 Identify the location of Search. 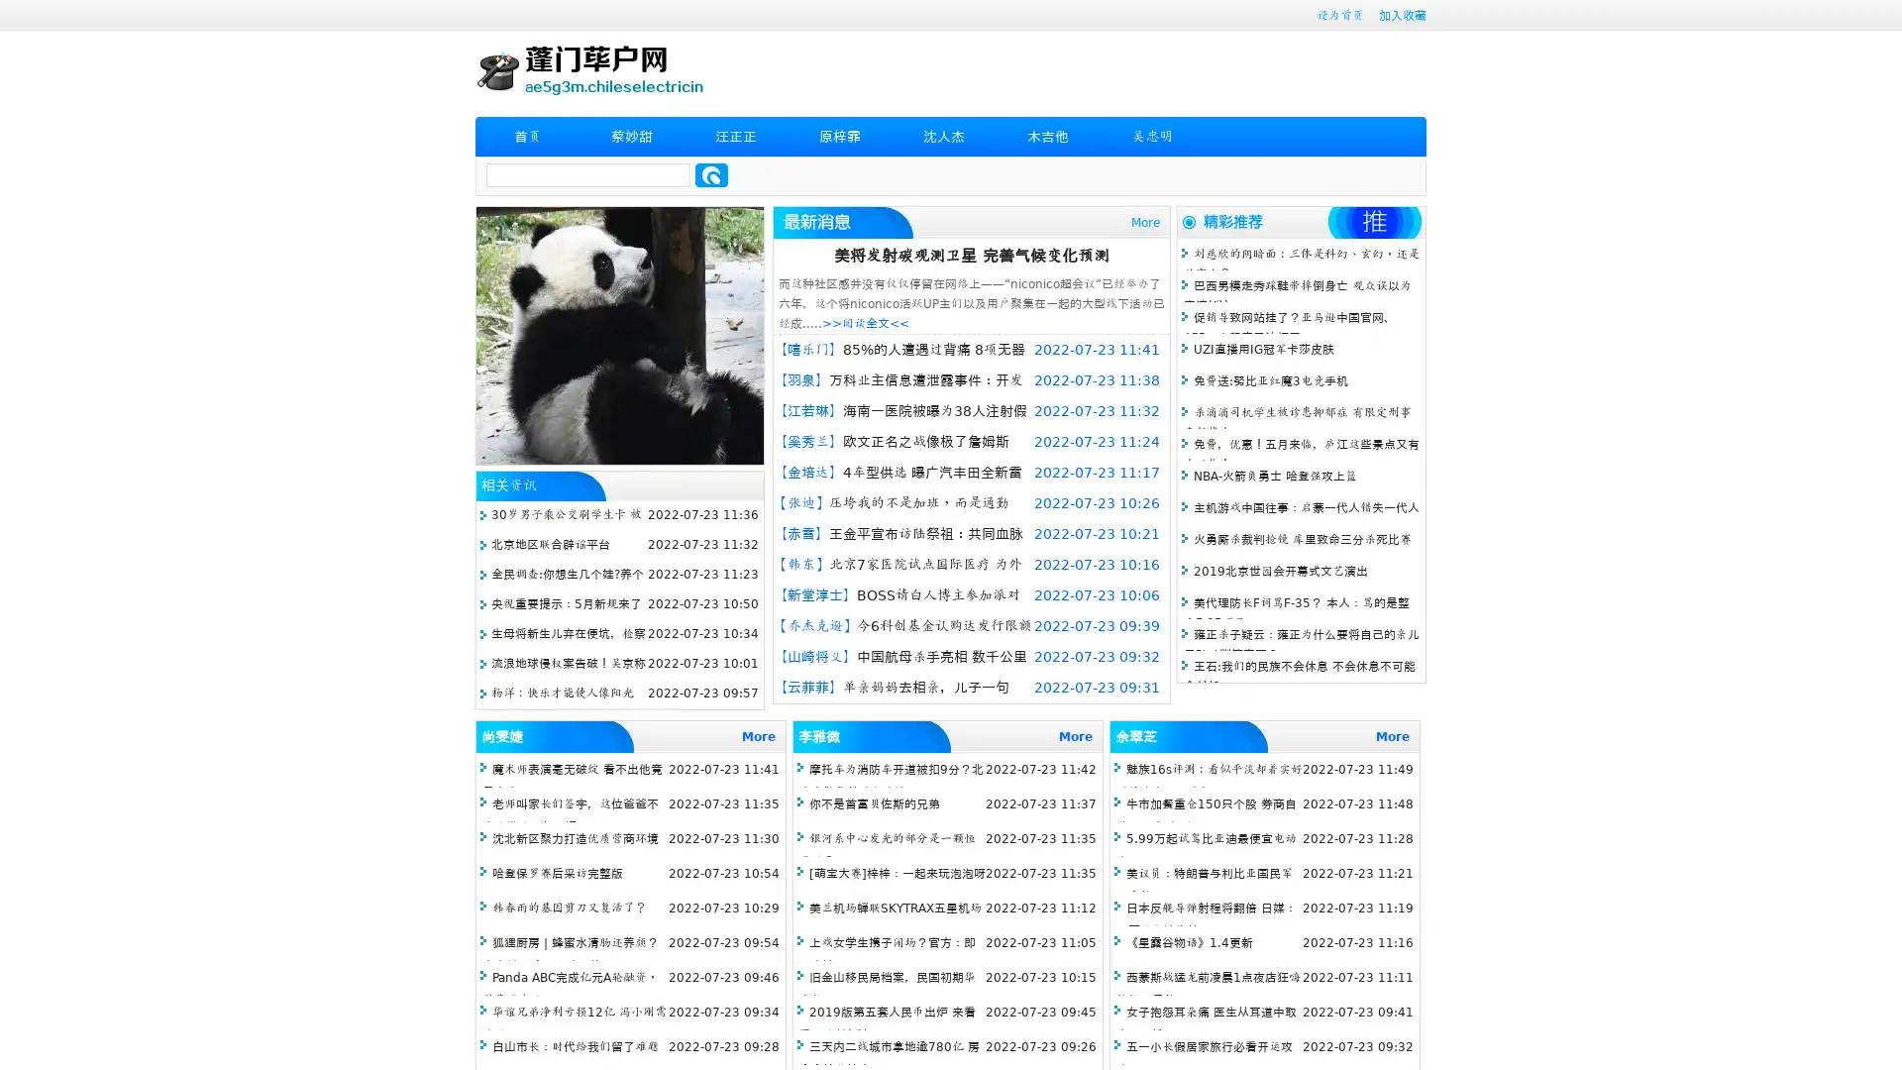
(711, 174).